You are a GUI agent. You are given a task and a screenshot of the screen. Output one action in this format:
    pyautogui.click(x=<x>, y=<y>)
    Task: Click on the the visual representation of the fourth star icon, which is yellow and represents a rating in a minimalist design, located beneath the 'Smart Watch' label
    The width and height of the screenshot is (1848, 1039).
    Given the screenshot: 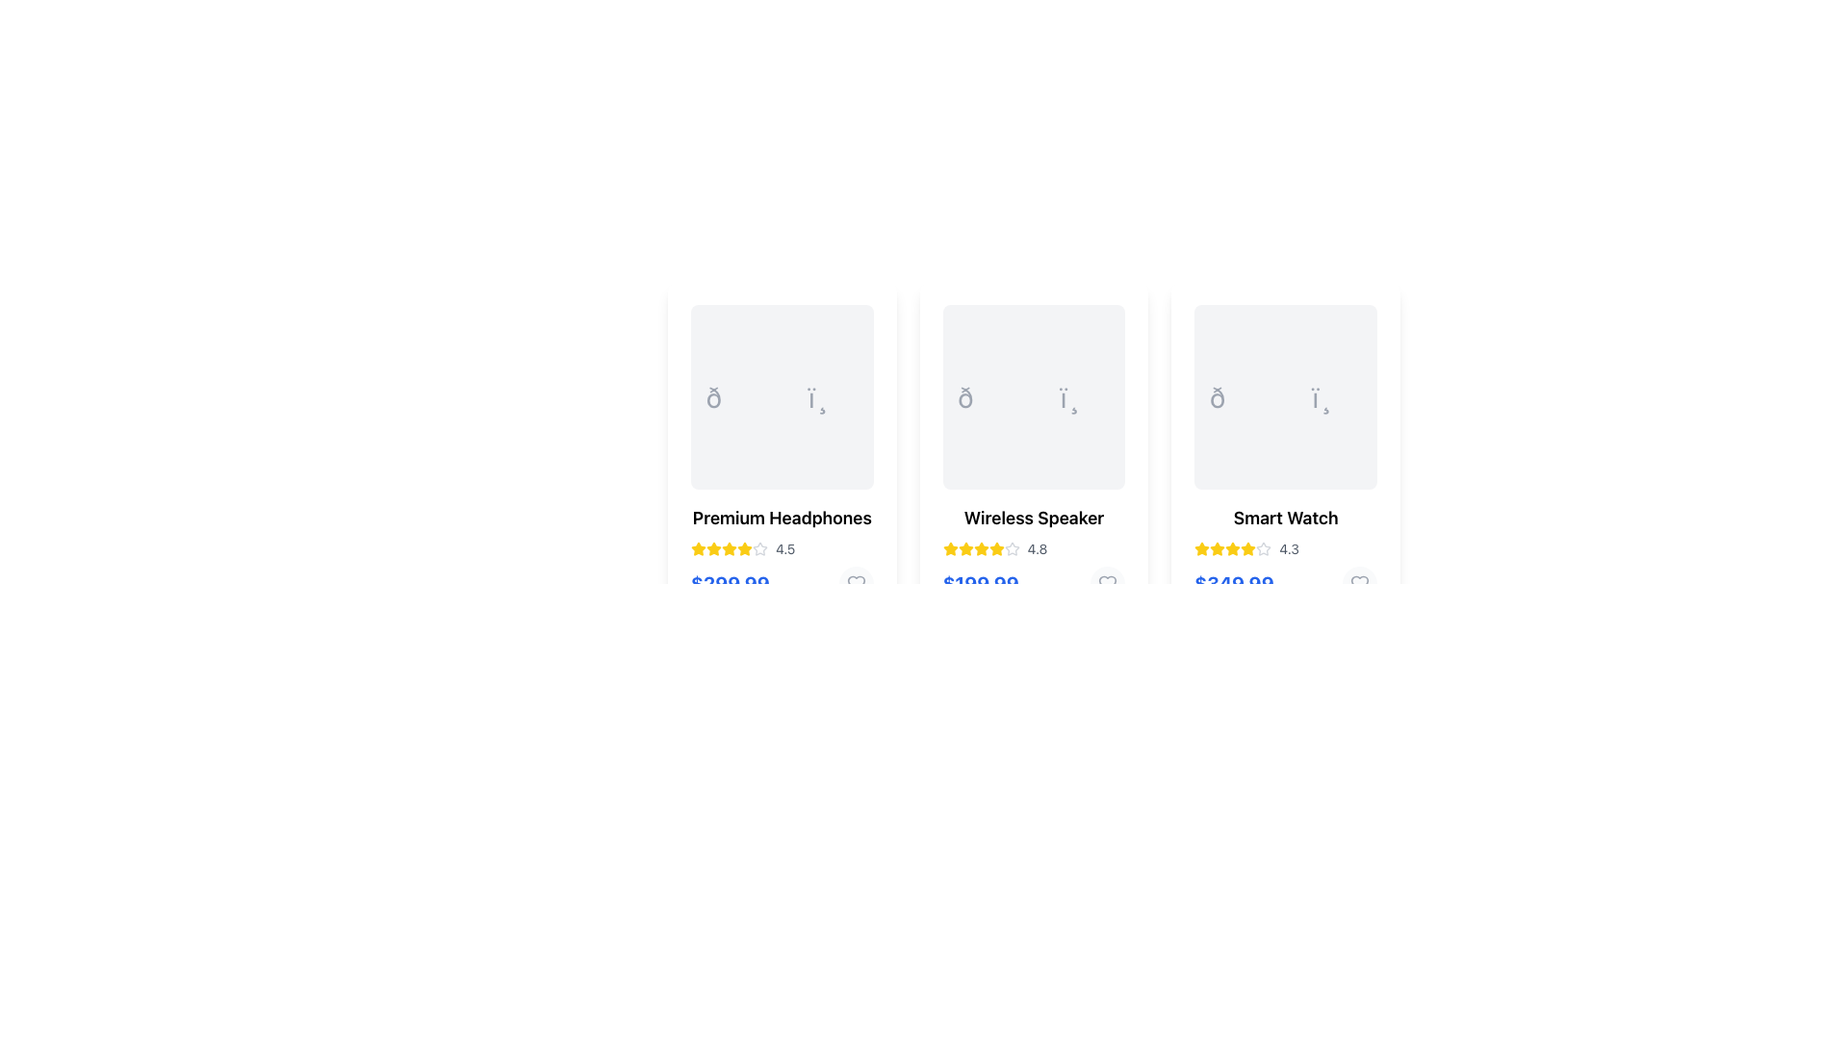 What is the action you would take?
    pyautogui.click(x=1233, y=548)
    